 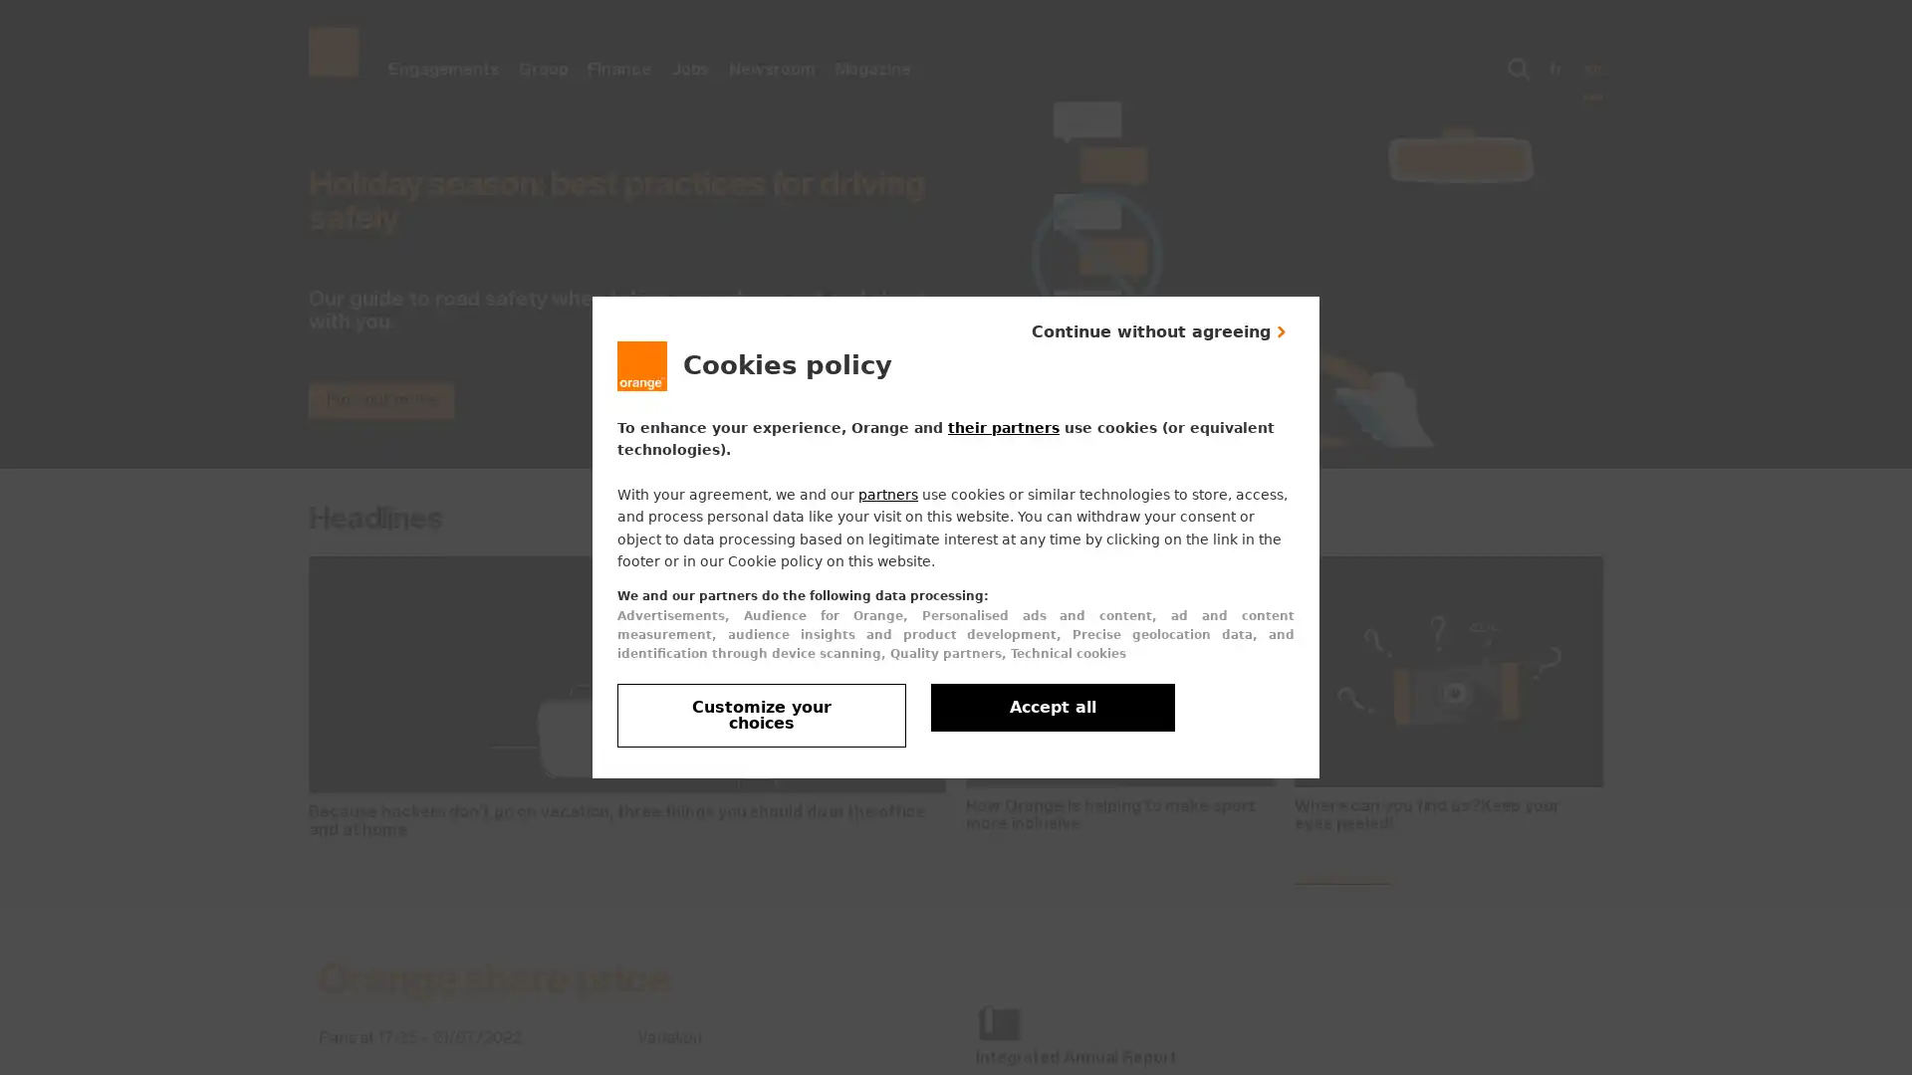 I want to click on Continue without agreeing, so click(x=1160, y=329).